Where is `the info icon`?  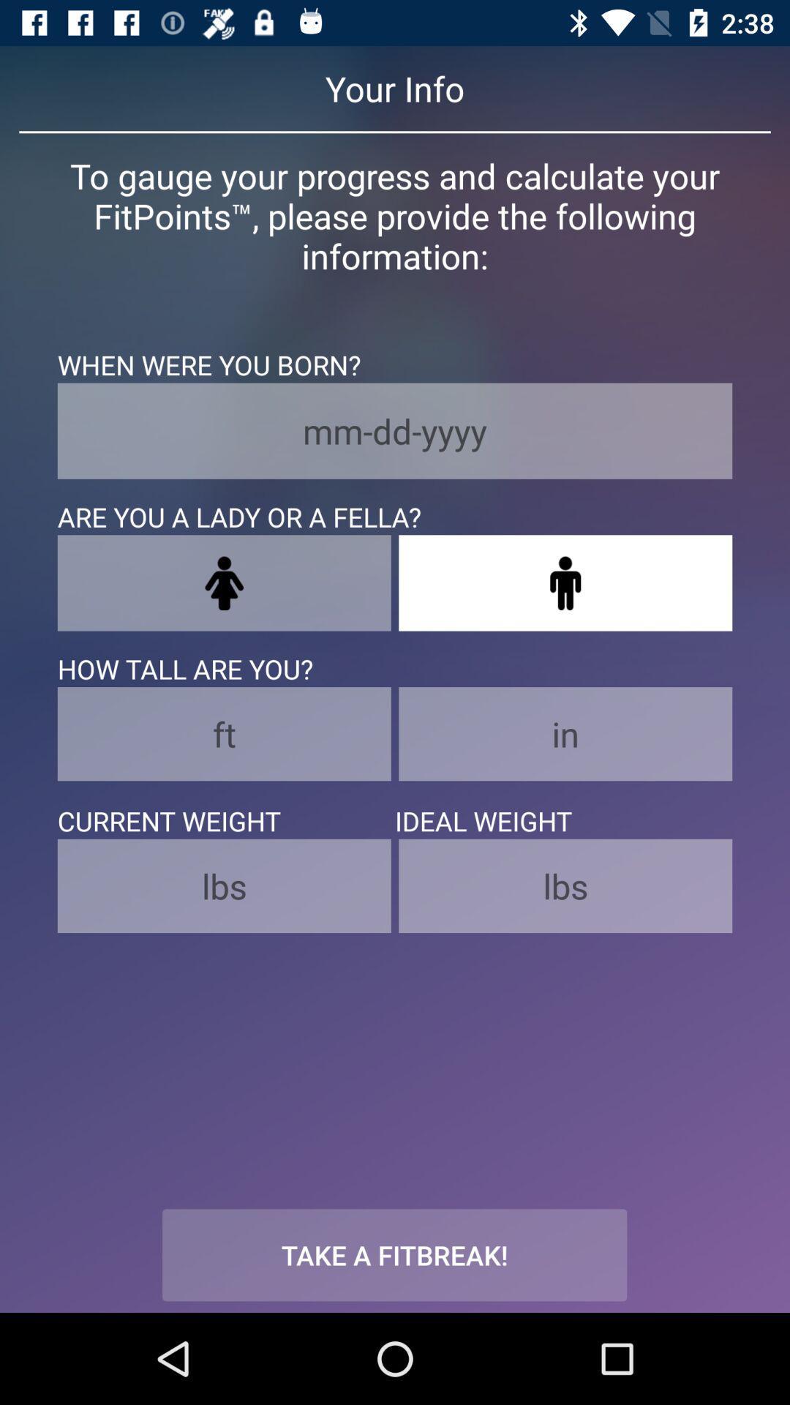
the info icon is located at coordinates (565, 582).